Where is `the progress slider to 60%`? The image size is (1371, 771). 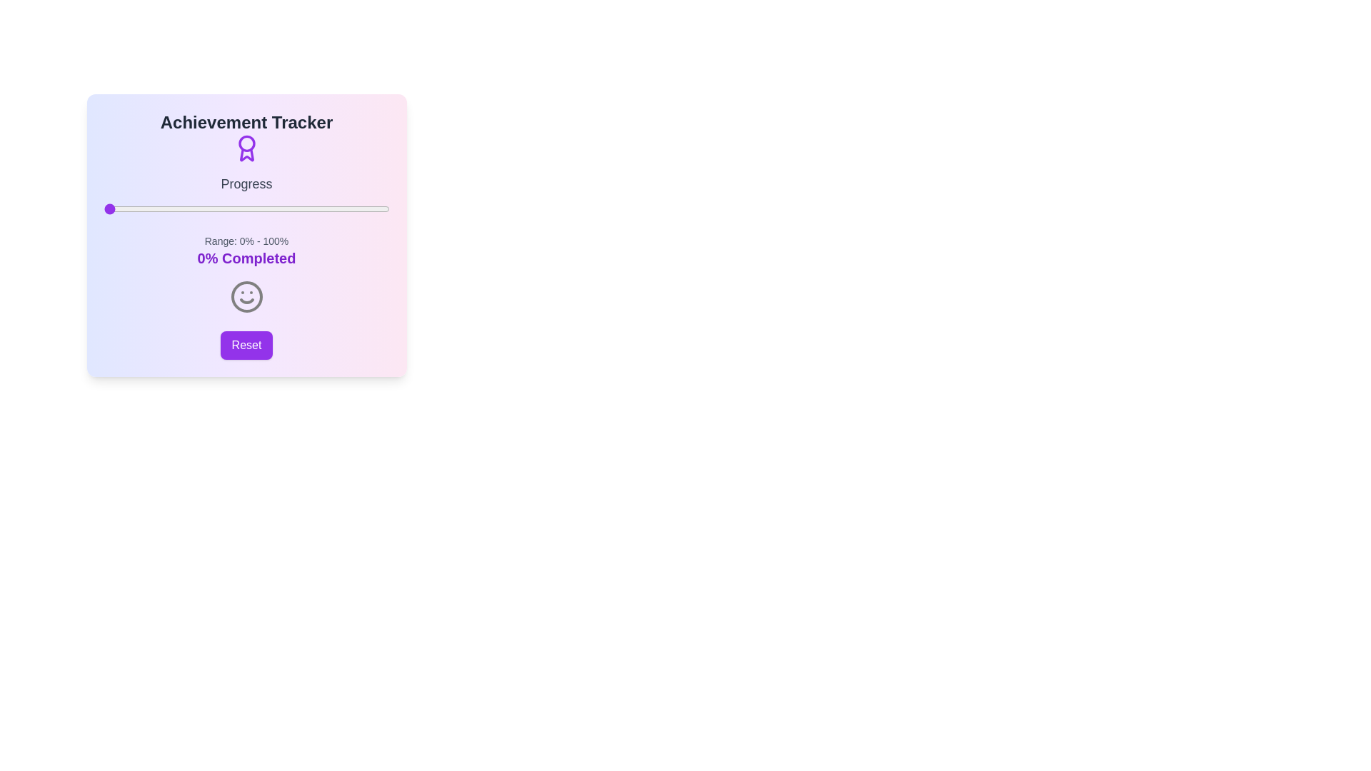
the progress slider to 60% is located at coordinates (275, 209).